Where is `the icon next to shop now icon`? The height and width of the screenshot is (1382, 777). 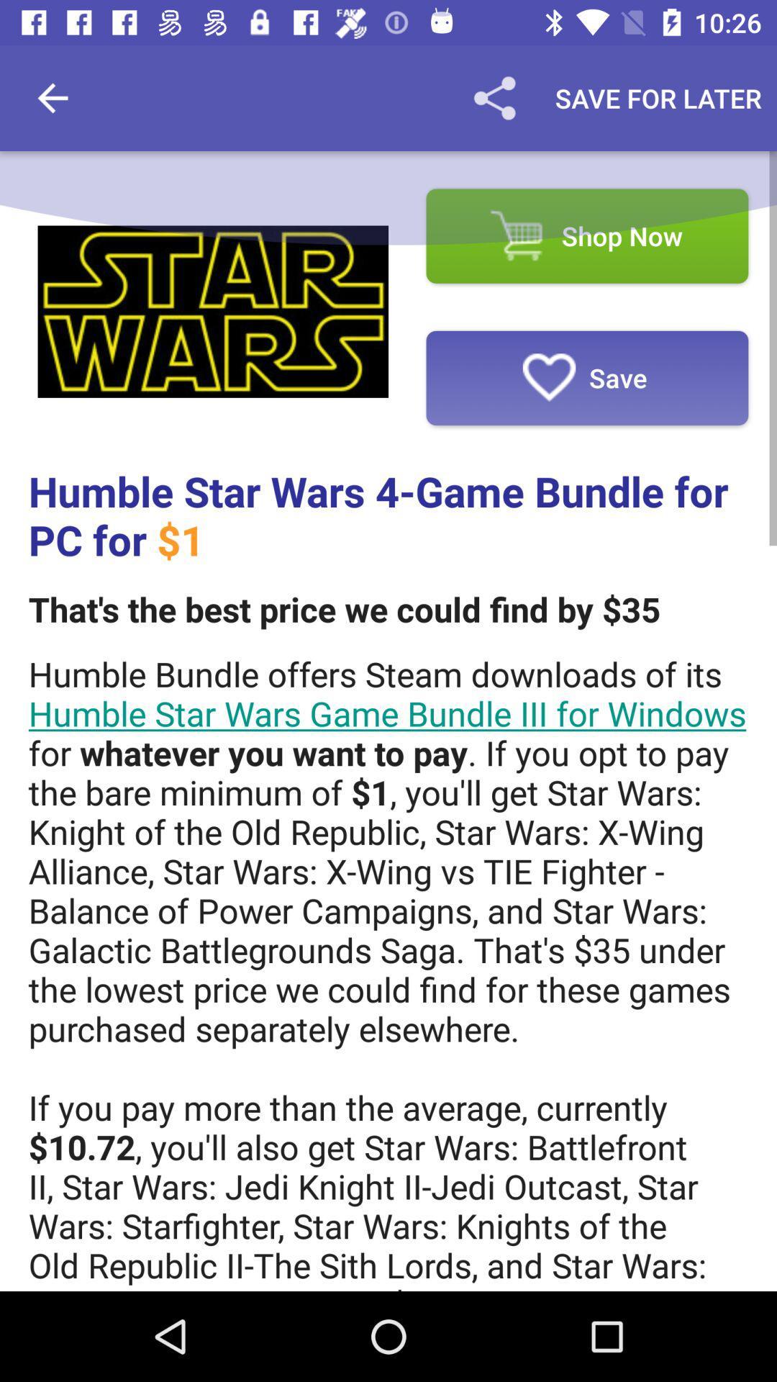 the icon next to shop now icon is located at coordinates (213, 311).